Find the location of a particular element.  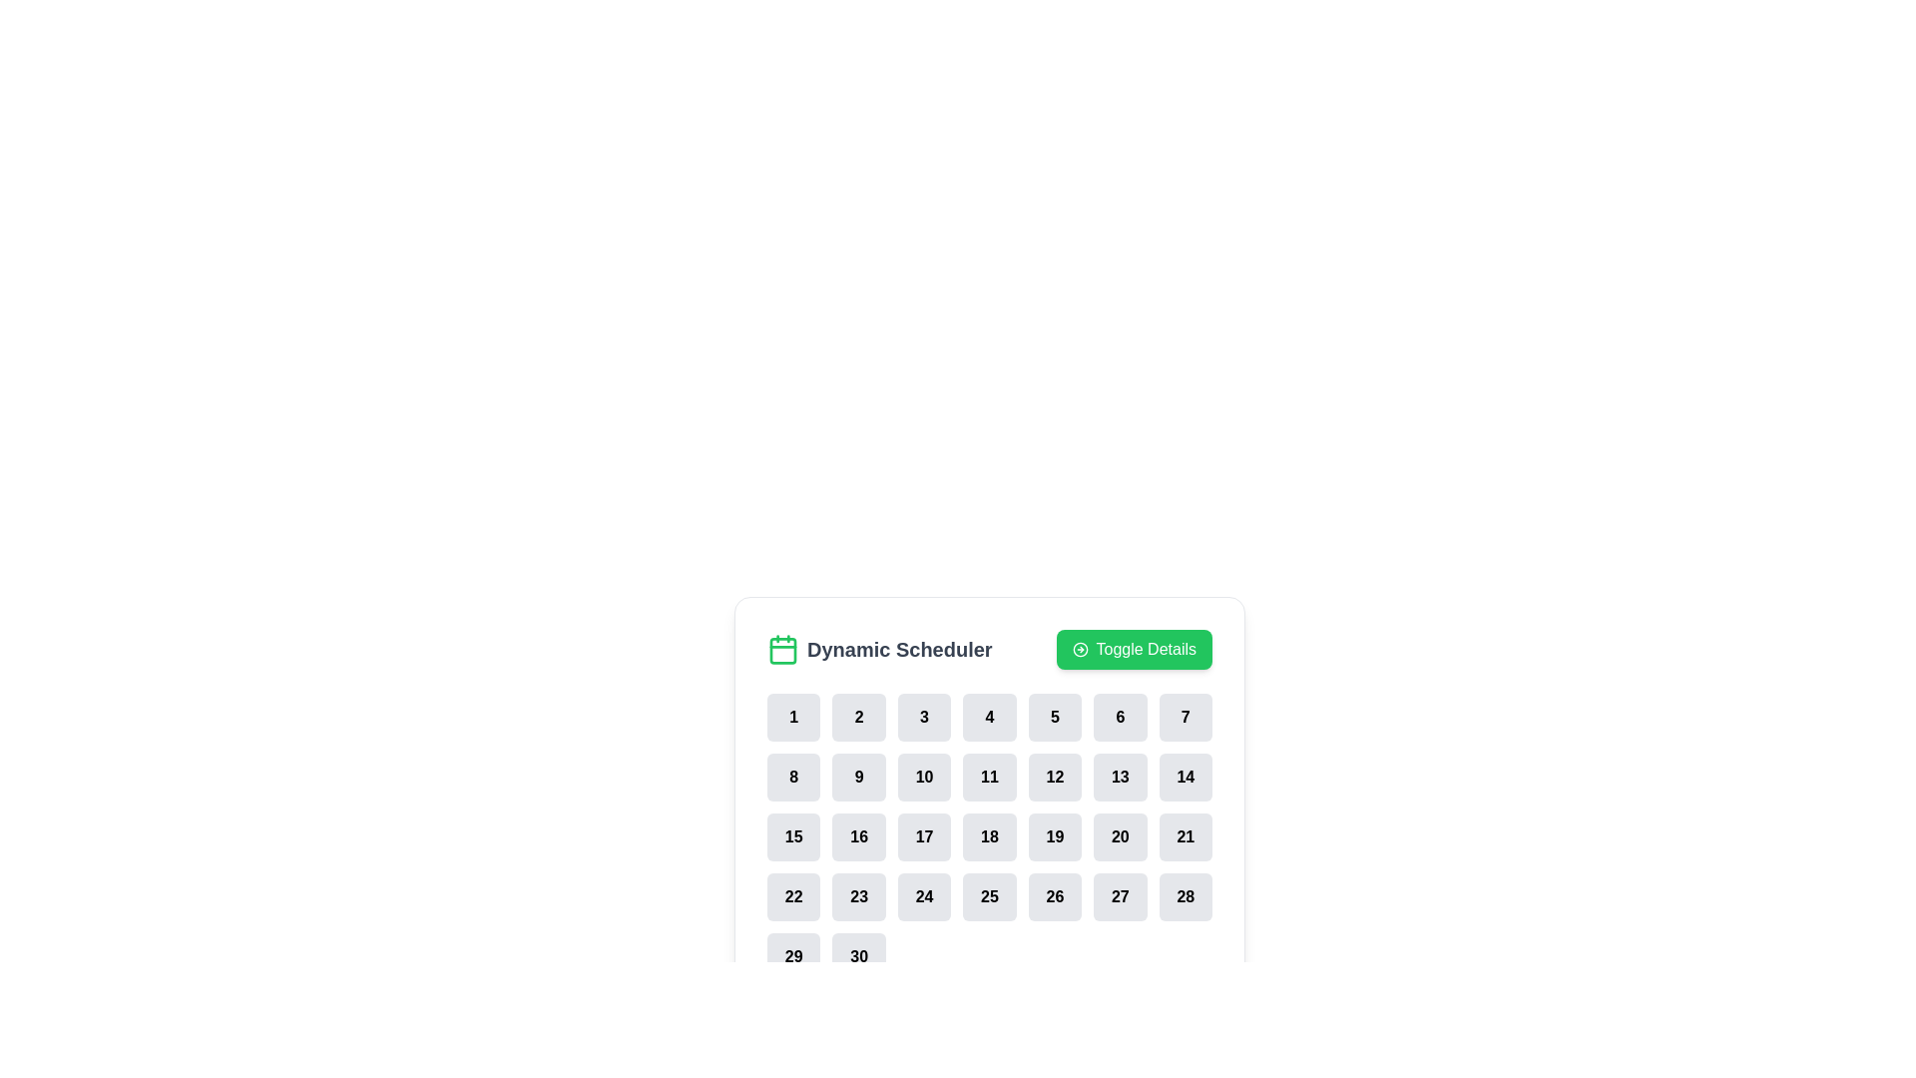

a specific cell in the grid layout of the 'Dynamic Scheduler' is located at coordinates (990, 837).